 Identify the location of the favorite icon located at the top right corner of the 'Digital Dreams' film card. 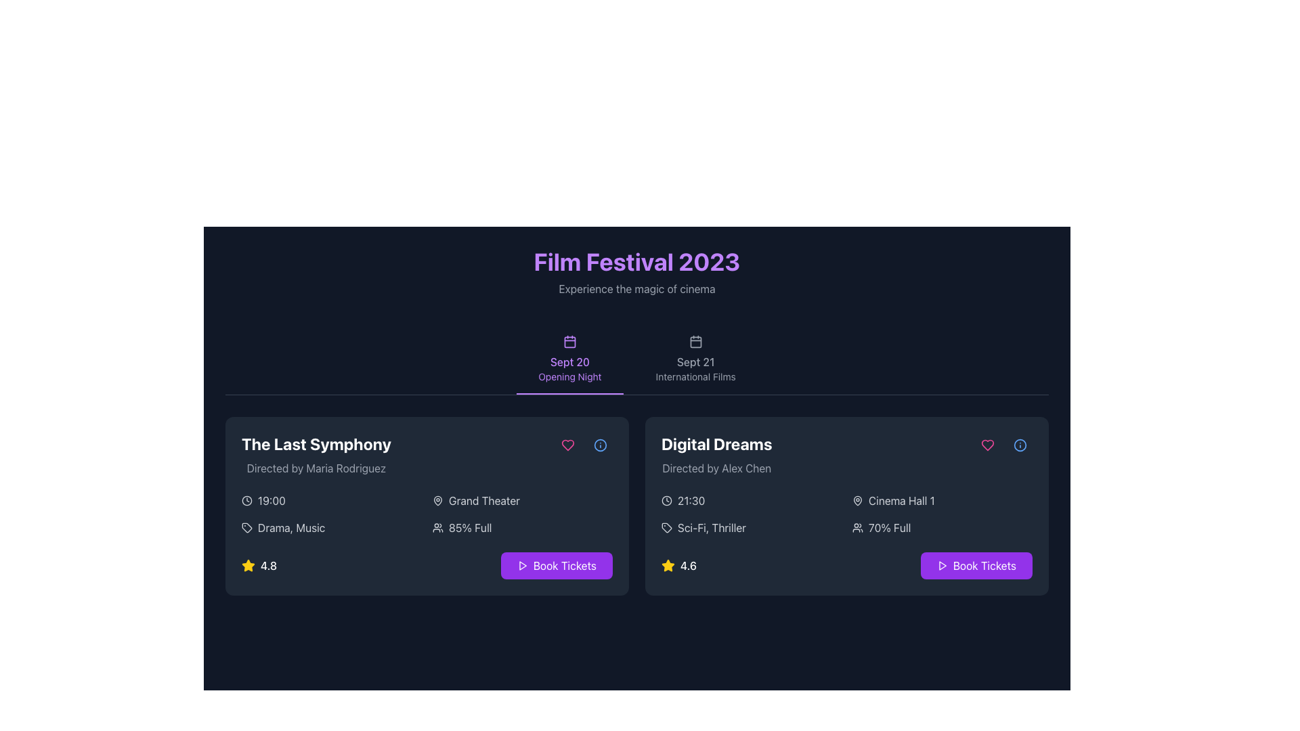
(988, 445).